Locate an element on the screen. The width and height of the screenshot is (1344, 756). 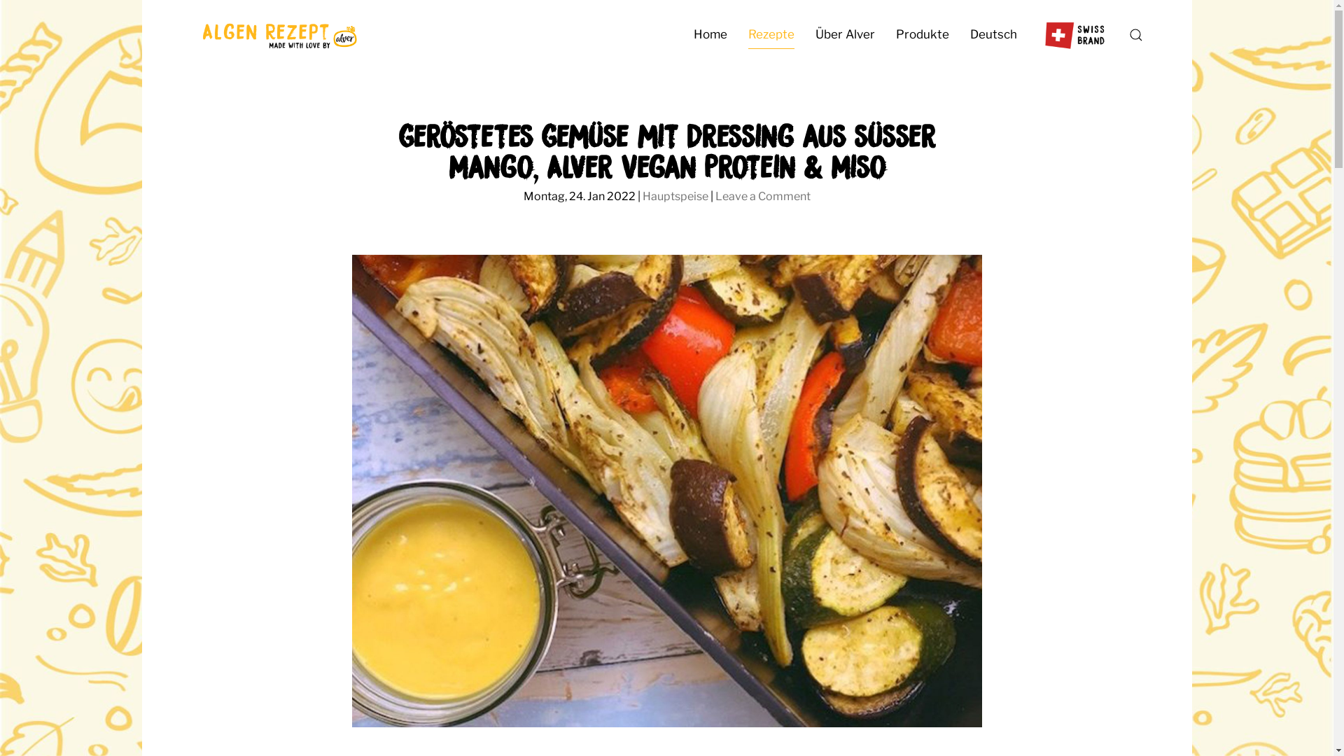
'Algen Rezepte | Made with love by Alver World SA' is located at coordinates (278, 34).